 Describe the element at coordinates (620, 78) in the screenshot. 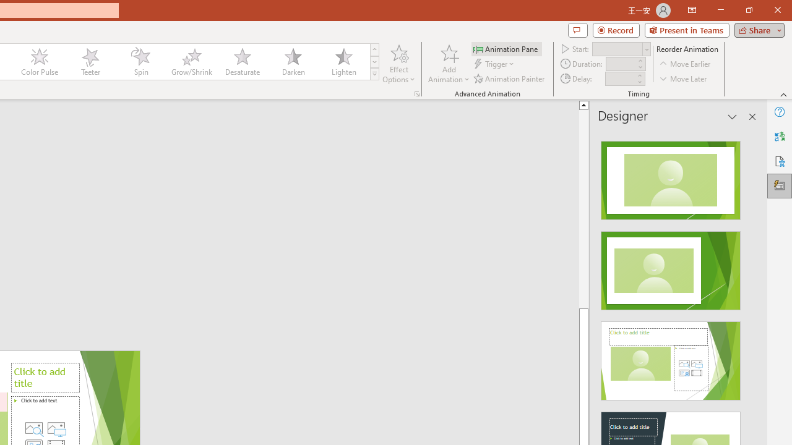

I see `'Animation Delay'` at that location.